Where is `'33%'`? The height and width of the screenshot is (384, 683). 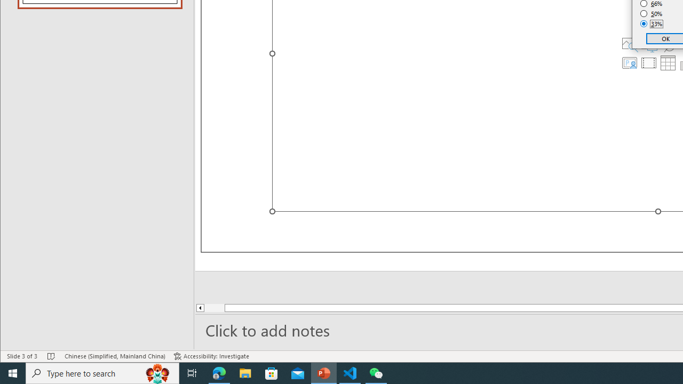 '33%' is located at coordinates (651, 24).